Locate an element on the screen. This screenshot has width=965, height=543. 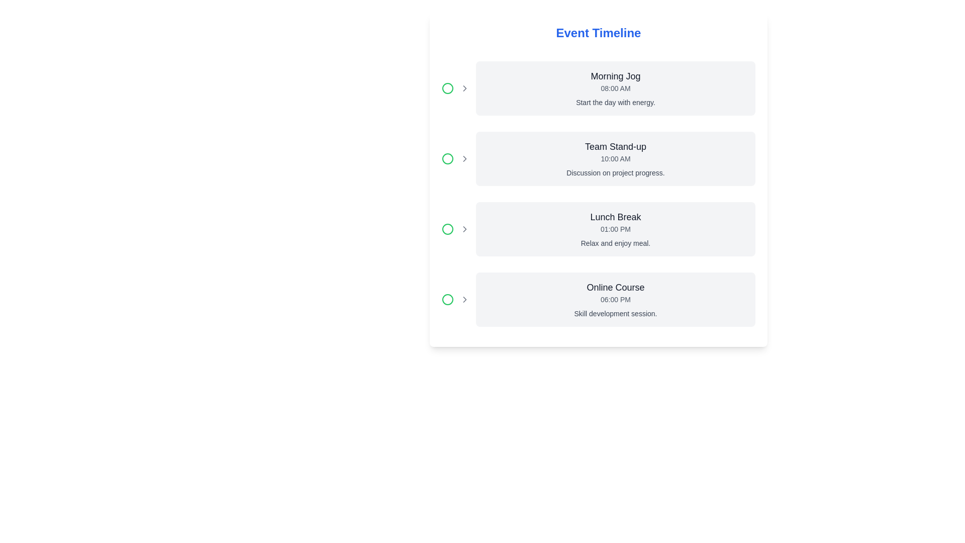
the timeline point icon representing the 'Lunch Break' event is located at coordinates (458, 229).